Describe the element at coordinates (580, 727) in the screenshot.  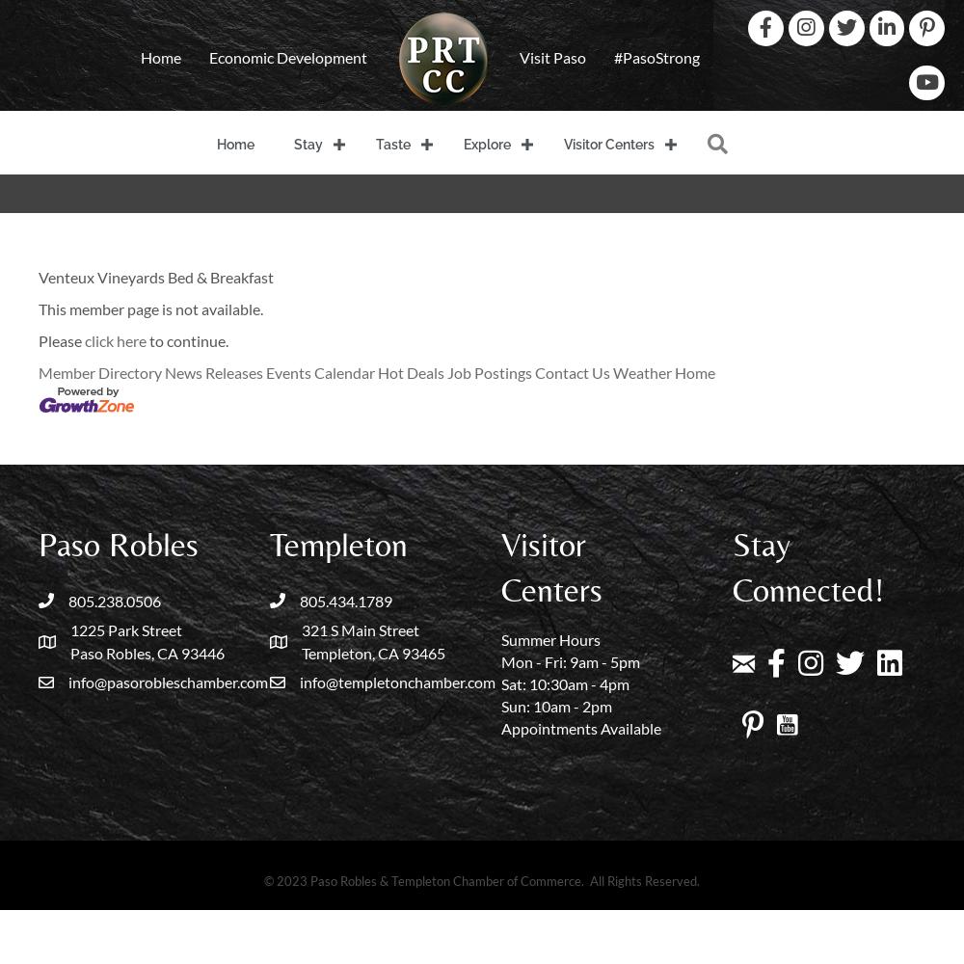
I see `'Appointments Available'` at that location.